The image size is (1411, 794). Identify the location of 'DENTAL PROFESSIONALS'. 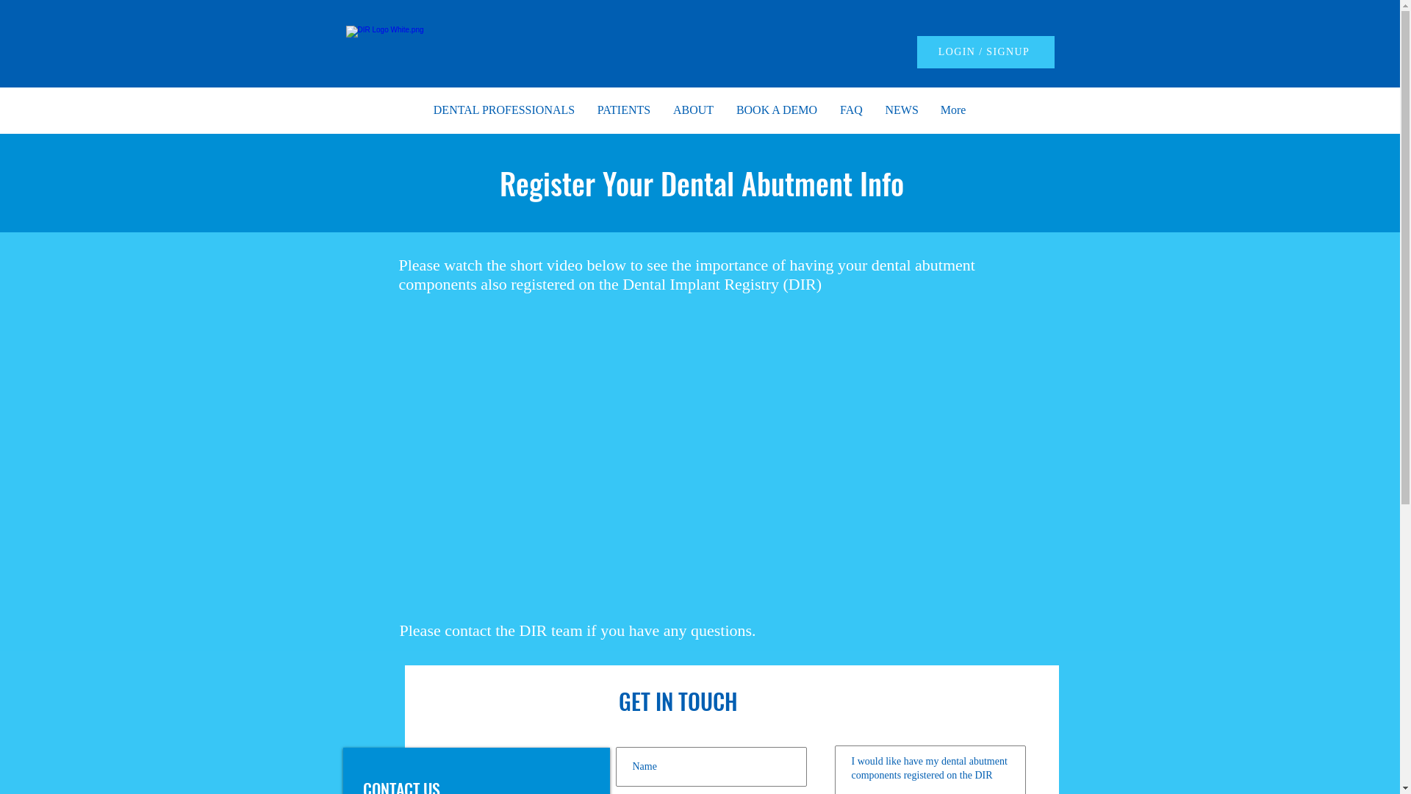
(503, 110).